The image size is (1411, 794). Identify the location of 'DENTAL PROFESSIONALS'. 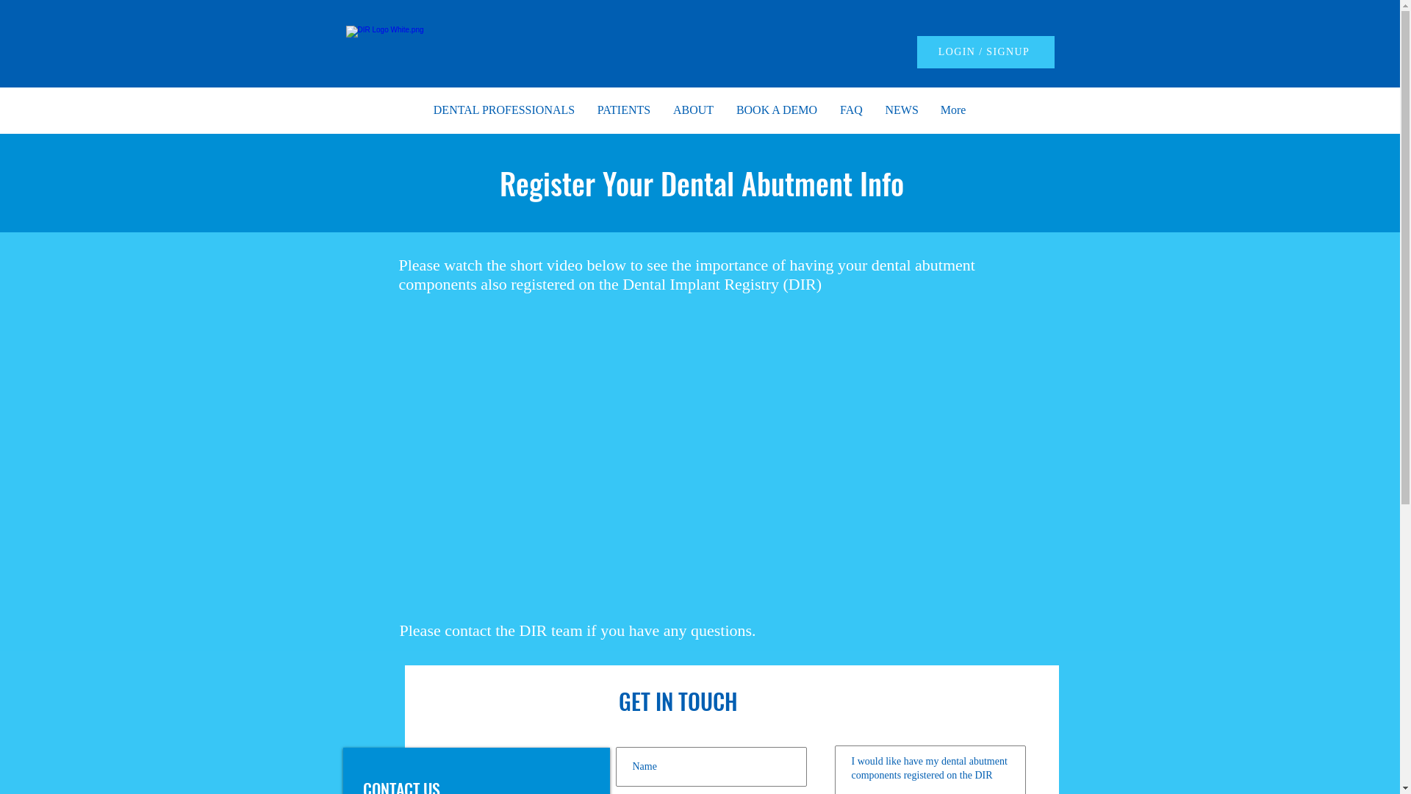
(503, 110).